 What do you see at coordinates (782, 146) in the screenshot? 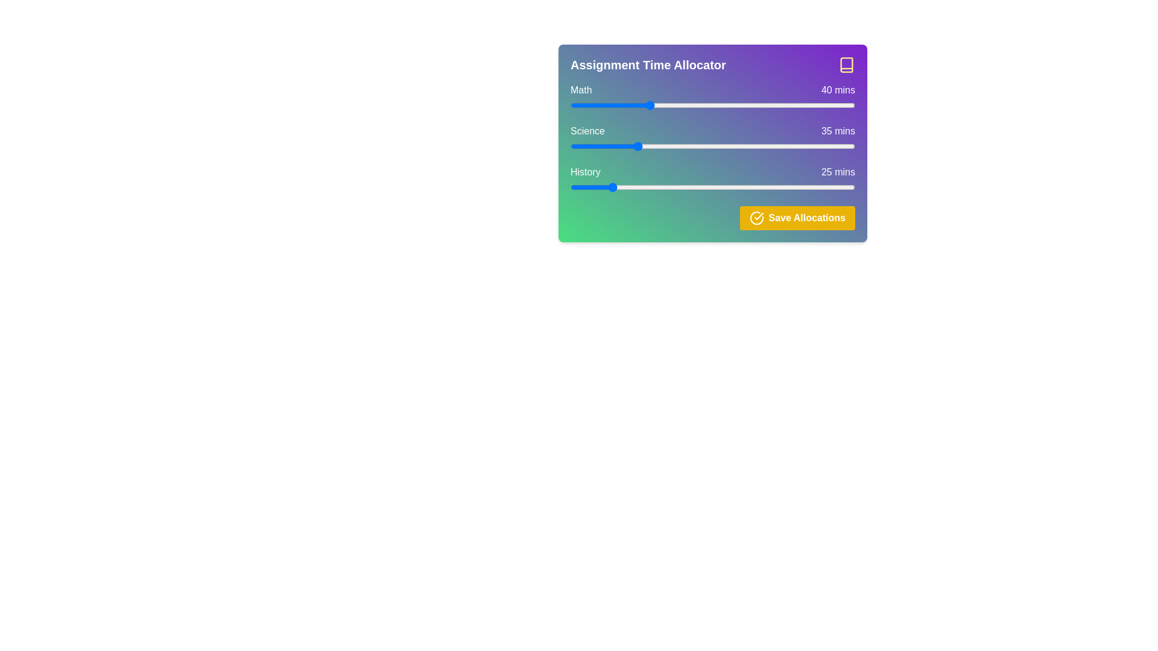
I see `allocation time` at bounding box center [782, 146].